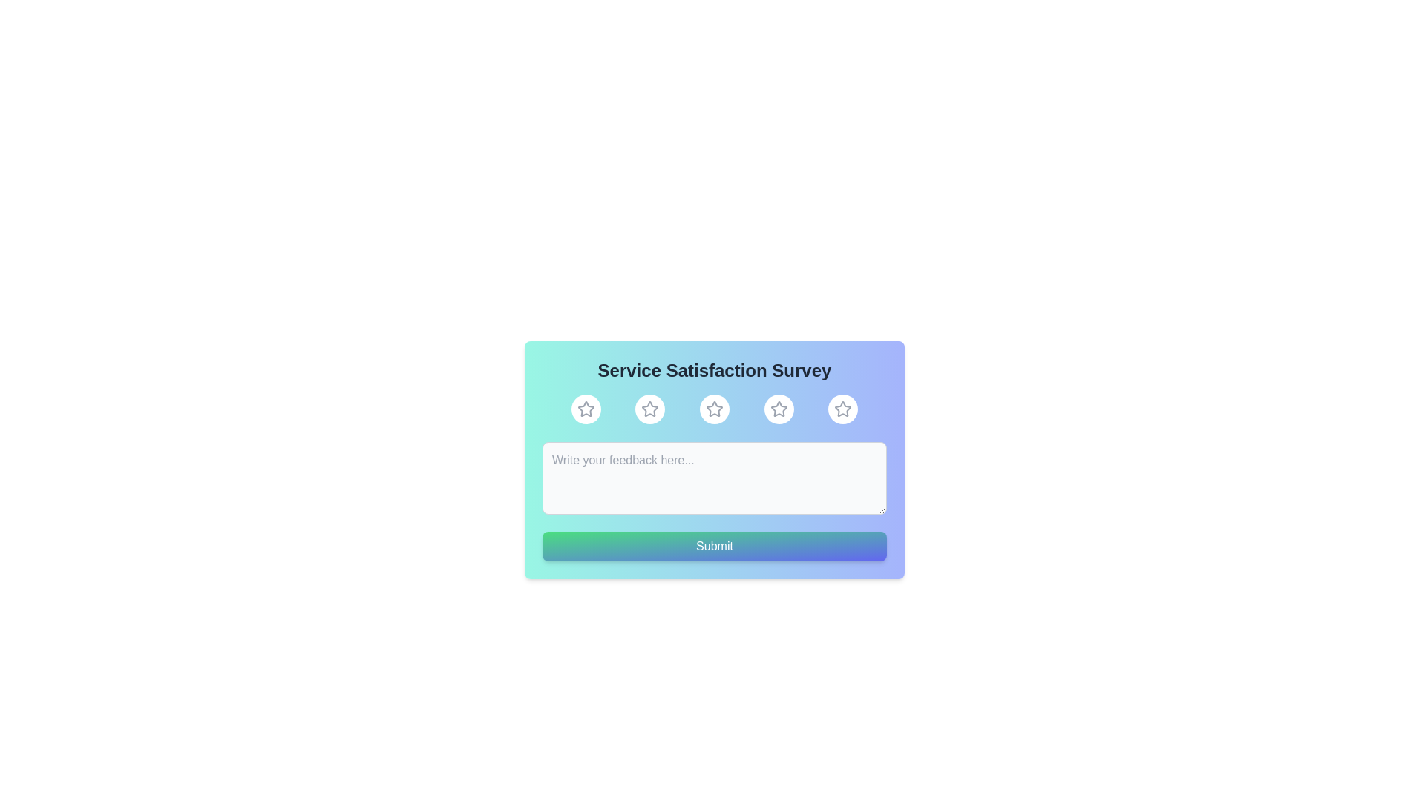  What do you see at coordinates (715, 478) in the screenshot?
I see `the text area and type the feedback text` at bounding box center [715, 478].